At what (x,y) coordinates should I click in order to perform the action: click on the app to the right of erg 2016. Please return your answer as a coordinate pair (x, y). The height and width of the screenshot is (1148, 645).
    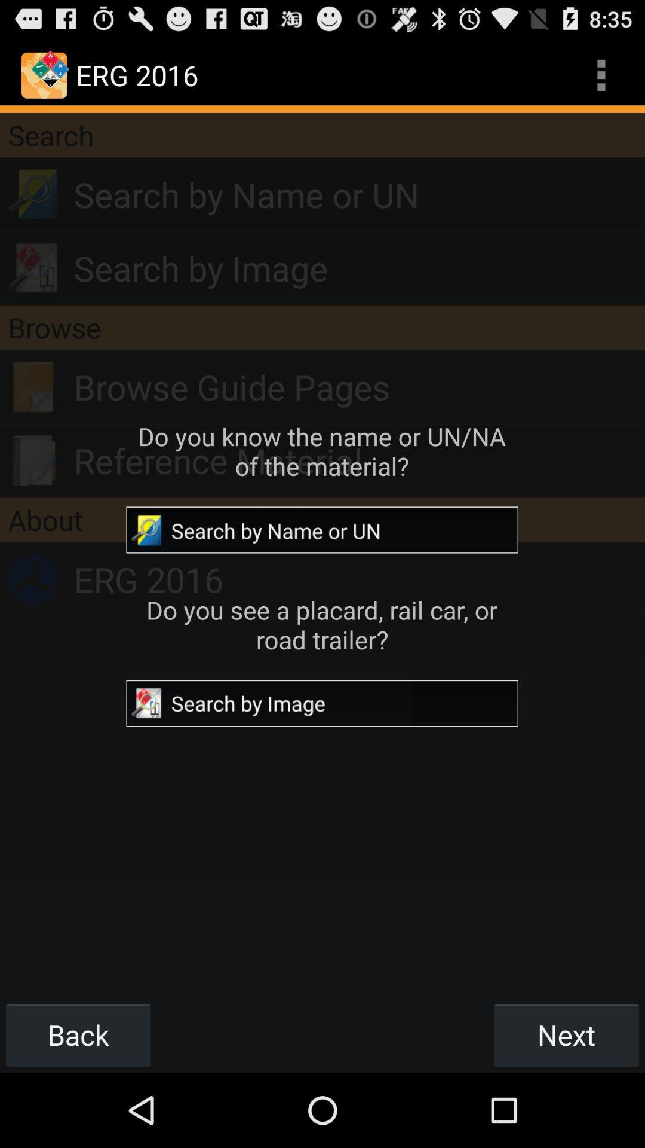
    Looking at the image, I should click on (601, 74).